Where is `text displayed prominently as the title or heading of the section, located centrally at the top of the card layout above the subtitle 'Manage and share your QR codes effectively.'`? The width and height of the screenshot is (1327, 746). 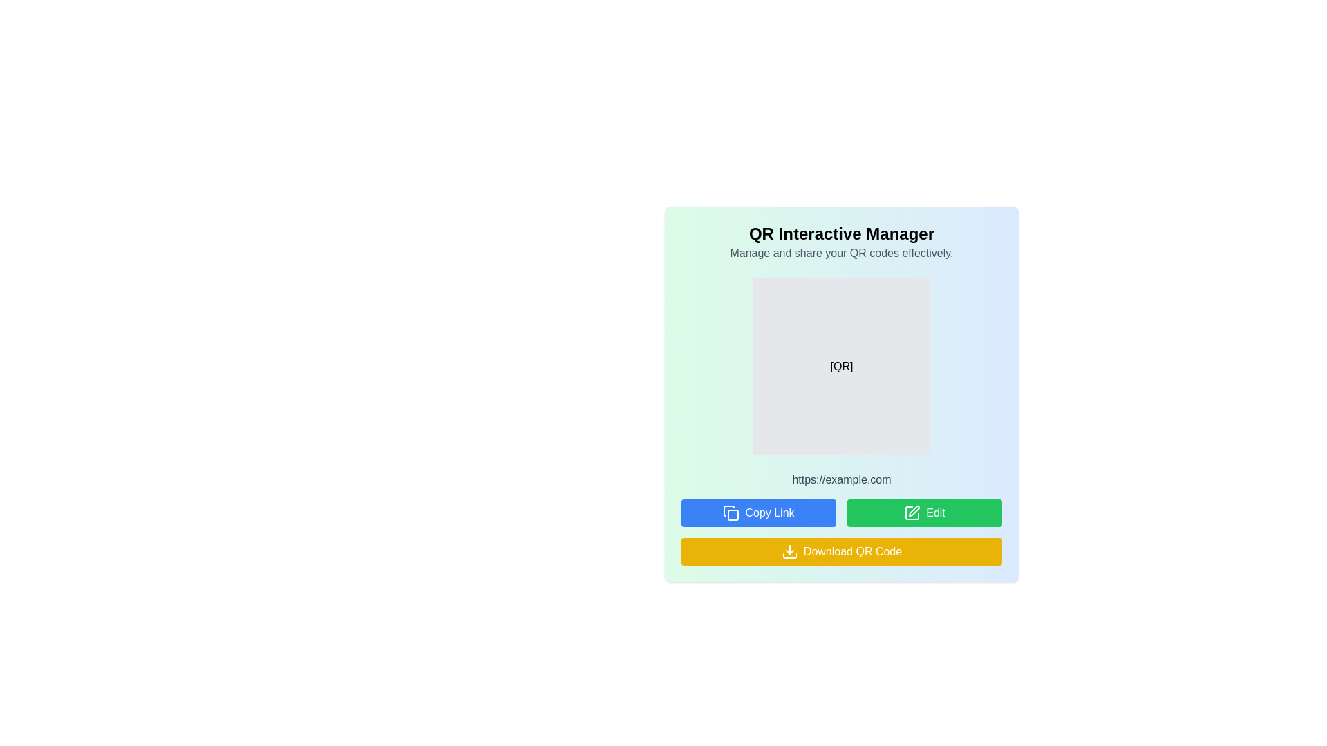
text displayed prominently as the title or heading of the section, located centrally at the top of the card layout above the subtitle 'Manage and share your QR codes effectively.' is located at coordinates (841, 233).